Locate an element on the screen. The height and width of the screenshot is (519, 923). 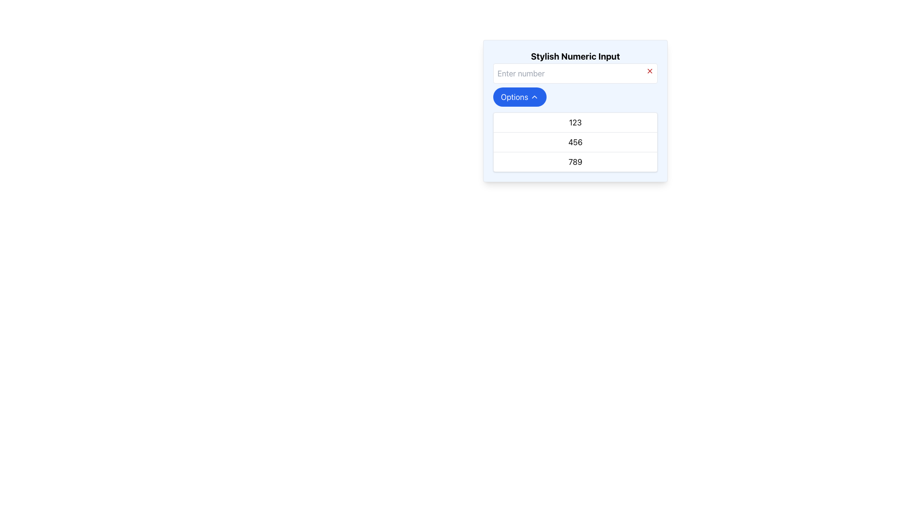
the Text Label that serves as a title for the component, located in the upper middle section of a blue-bordered, rounded rectangle, to enhance accessibility is located at coordinates (575, 57).